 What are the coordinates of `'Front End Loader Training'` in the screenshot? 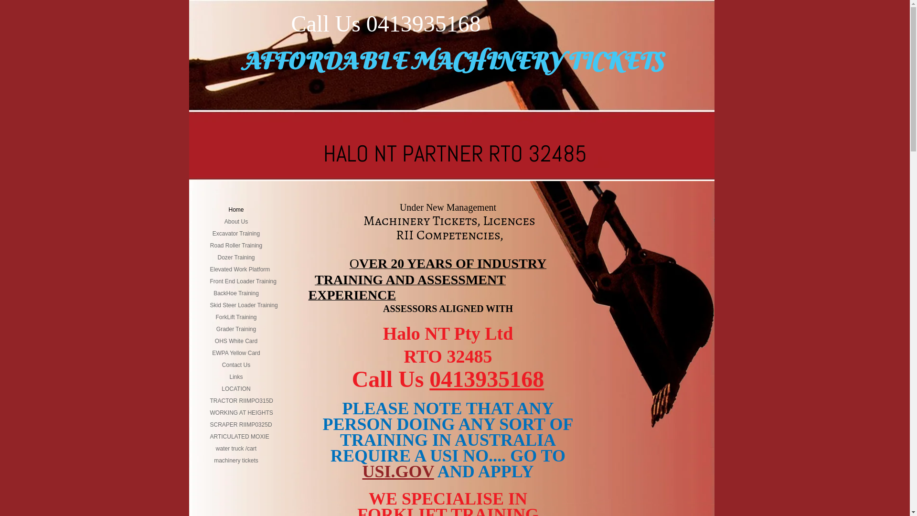 It's located at (243, 281).